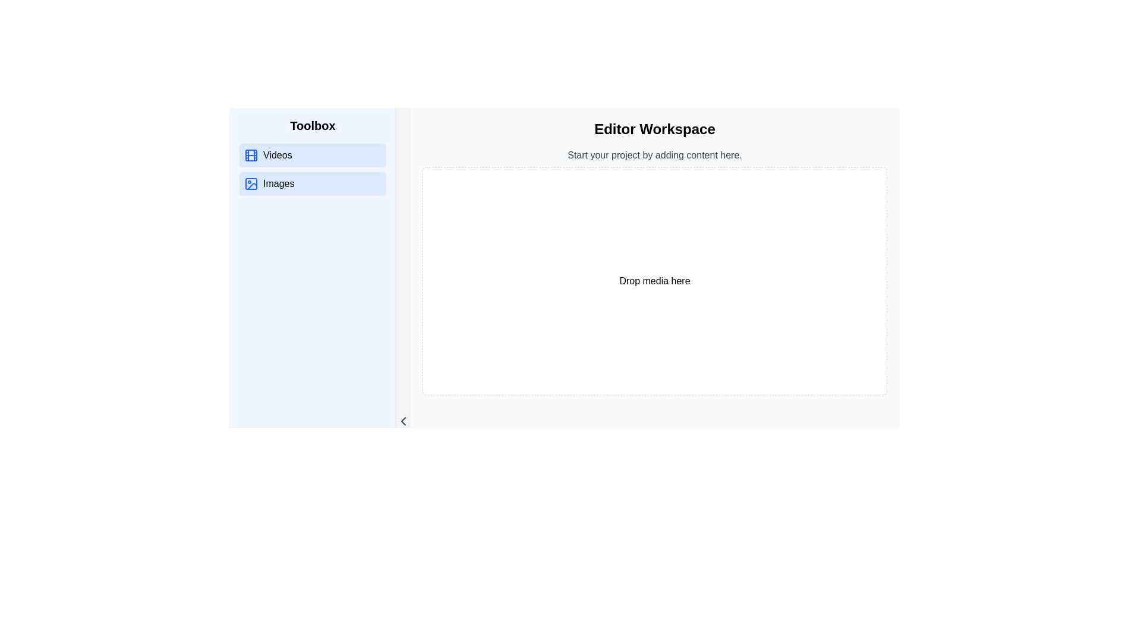 This screenshot has width=1141, height=641. I want to click on the 'Images' text label in the left sidebar of the 'Toolbox', so click(278, 183).